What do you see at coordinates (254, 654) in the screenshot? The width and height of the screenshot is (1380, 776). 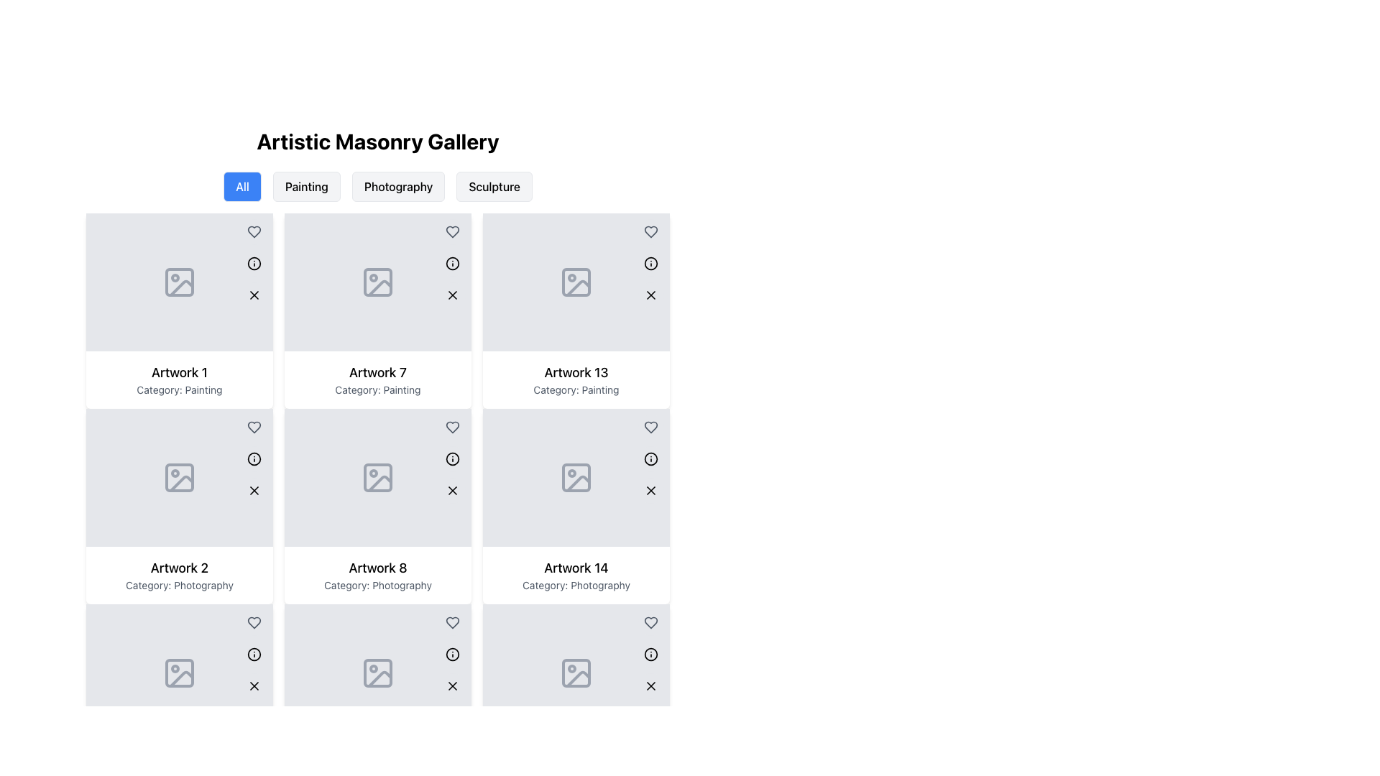 I see `the circular information icon in the bottom-left corner of the 'Artwork 2: Category: Photography' card` at bounding box center [254, 654].